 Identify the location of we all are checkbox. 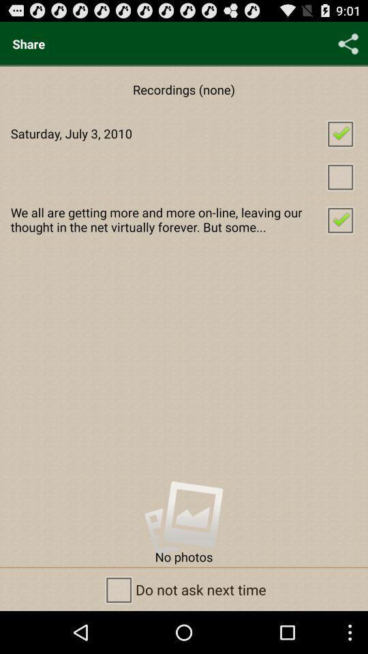
(184, 219).